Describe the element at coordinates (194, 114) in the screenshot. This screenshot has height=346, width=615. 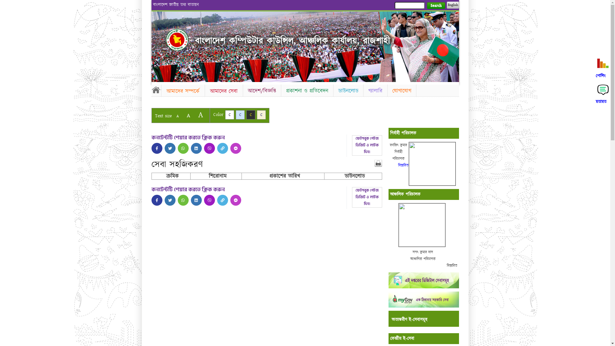
I see `'A'` at that location.